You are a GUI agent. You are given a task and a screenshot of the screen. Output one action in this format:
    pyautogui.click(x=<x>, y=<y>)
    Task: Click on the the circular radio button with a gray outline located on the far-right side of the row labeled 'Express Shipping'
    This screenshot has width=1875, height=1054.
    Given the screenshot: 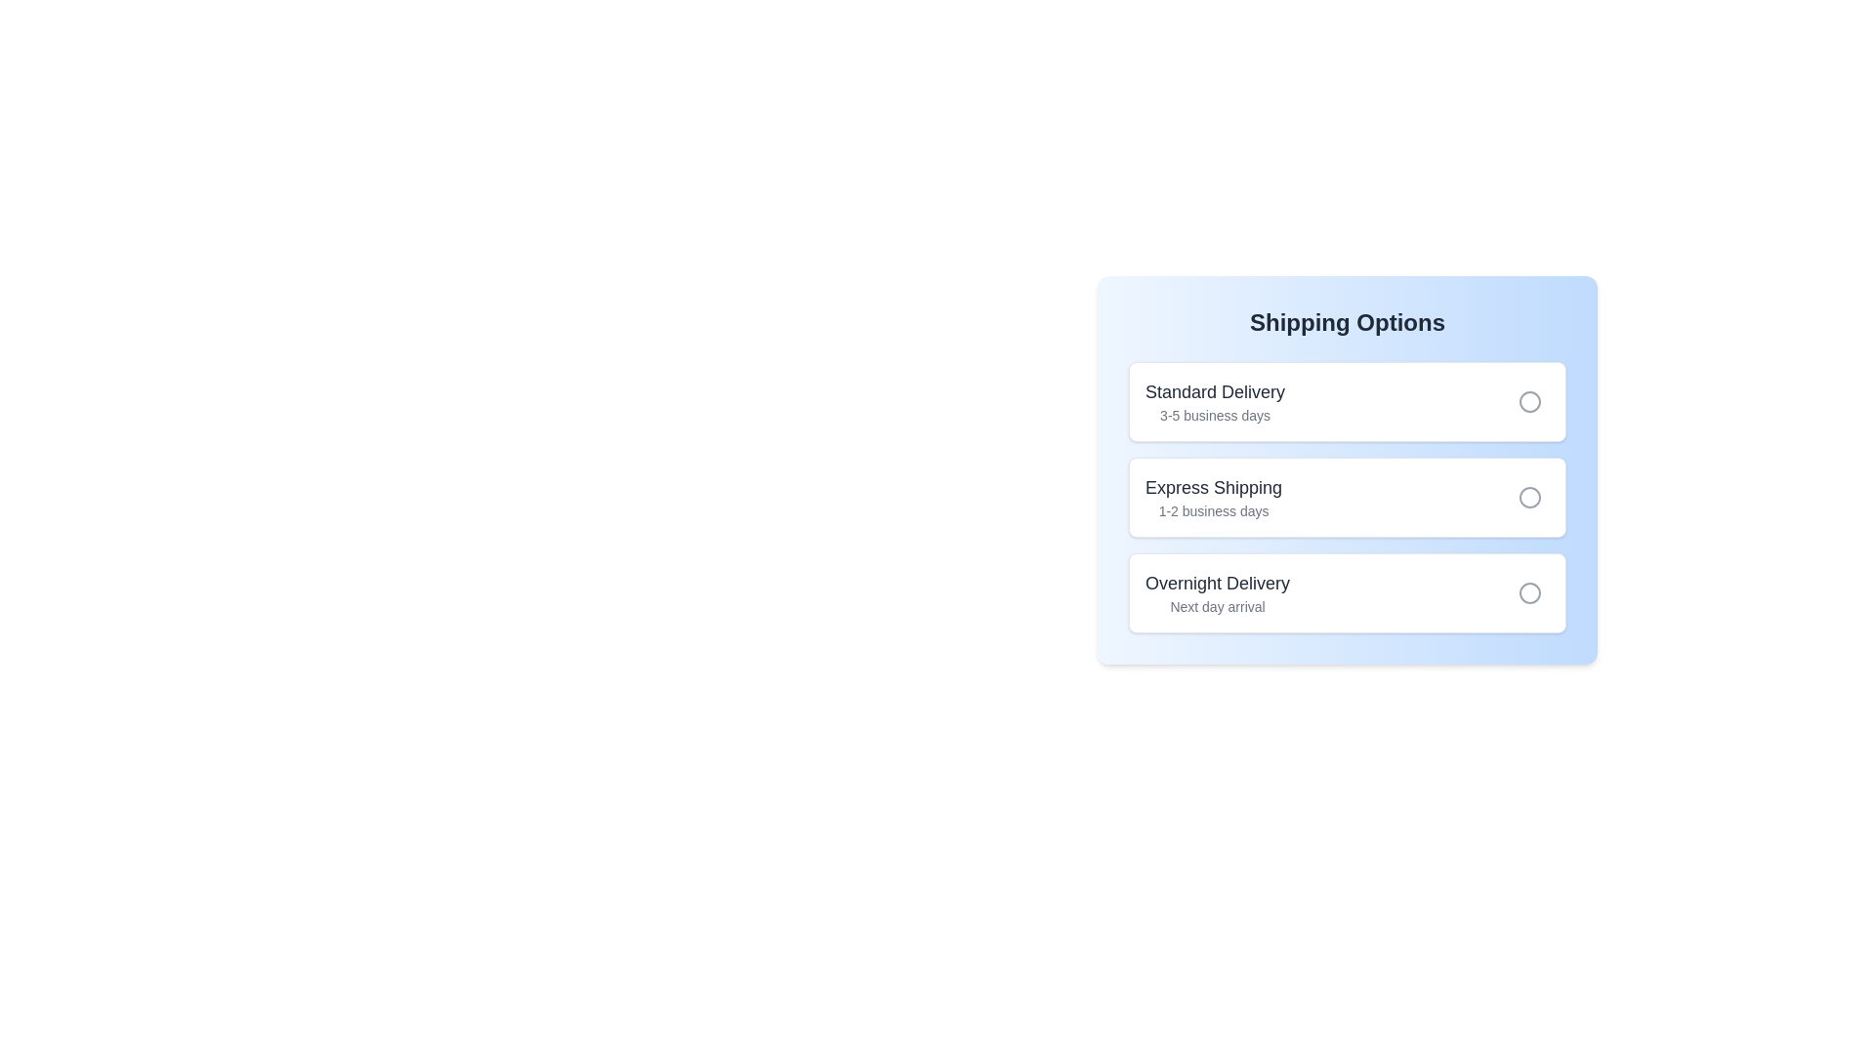 What is the action you would take?
    pyautogui.click(x=1528, y=496)
    